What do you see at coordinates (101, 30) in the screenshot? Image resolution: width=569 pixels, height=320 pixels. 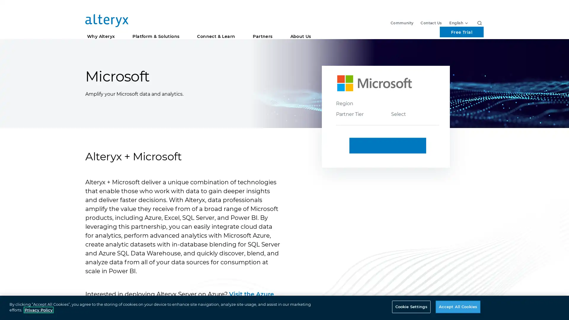 I see `Why Alteryx, menu` at bounding box center [101, 30].